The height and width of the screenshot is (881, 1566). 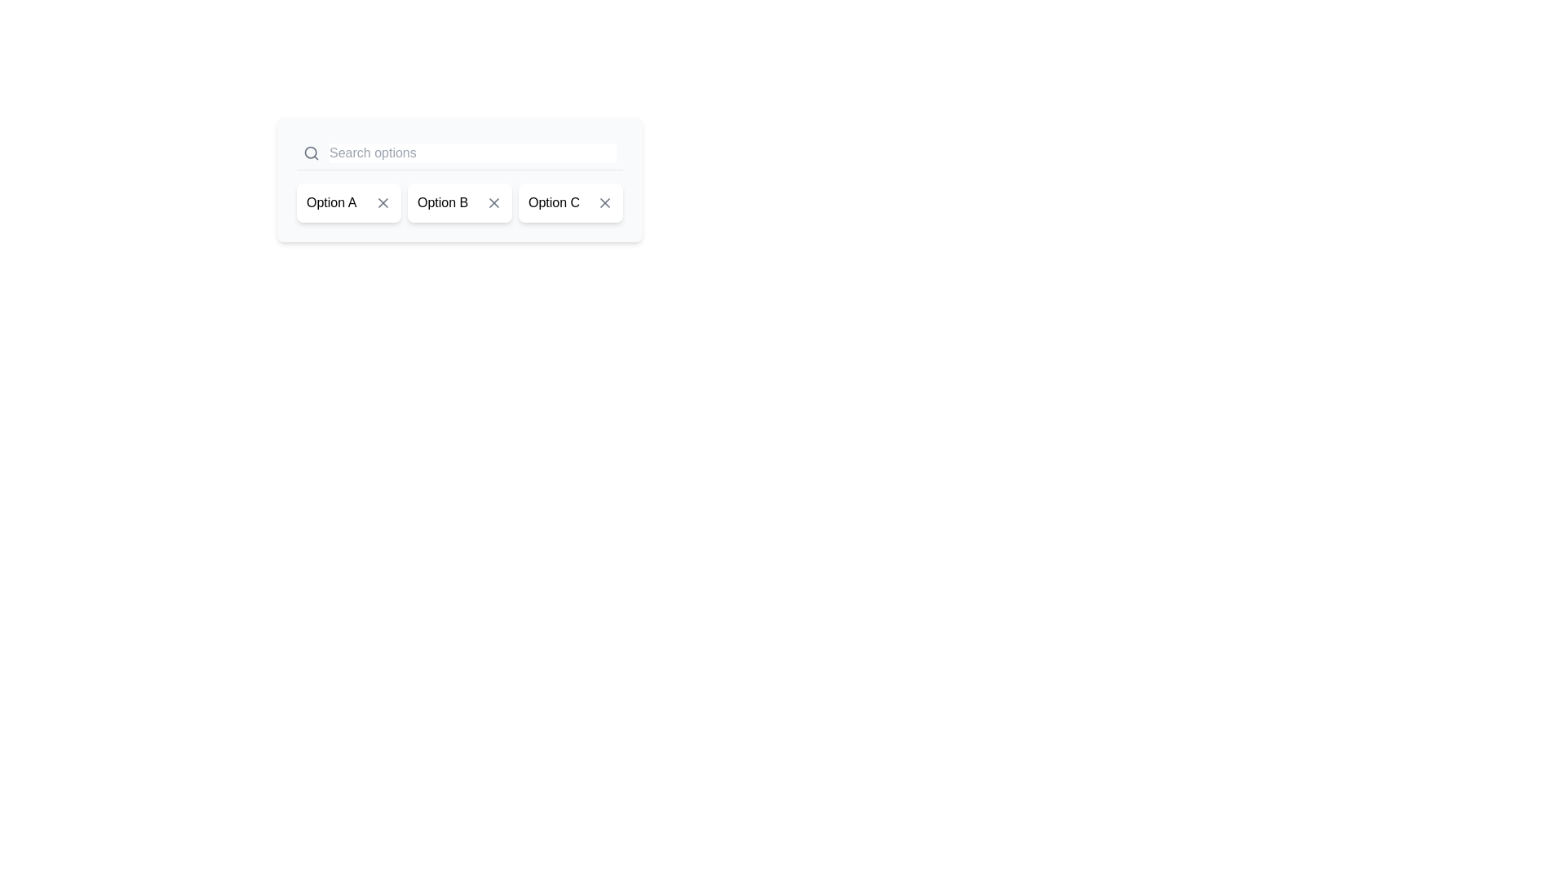 I want to click on the search input box to focus on it, so click(x=472, y=153).